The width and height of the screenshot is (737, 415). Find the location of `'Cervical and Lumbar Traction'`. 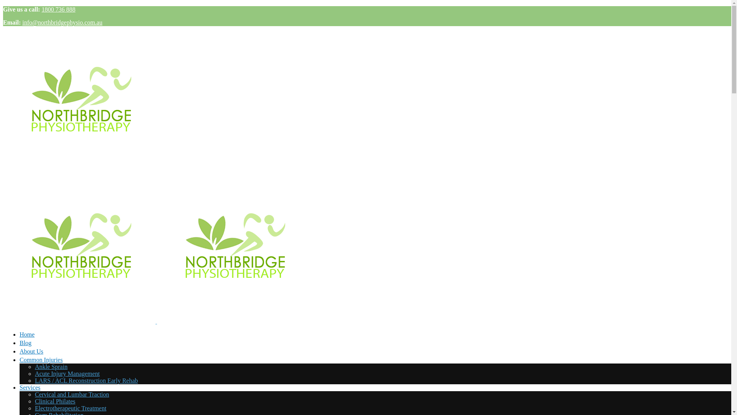

'Cervical and Lumbar Traction' is located at coordinates (72, 394).